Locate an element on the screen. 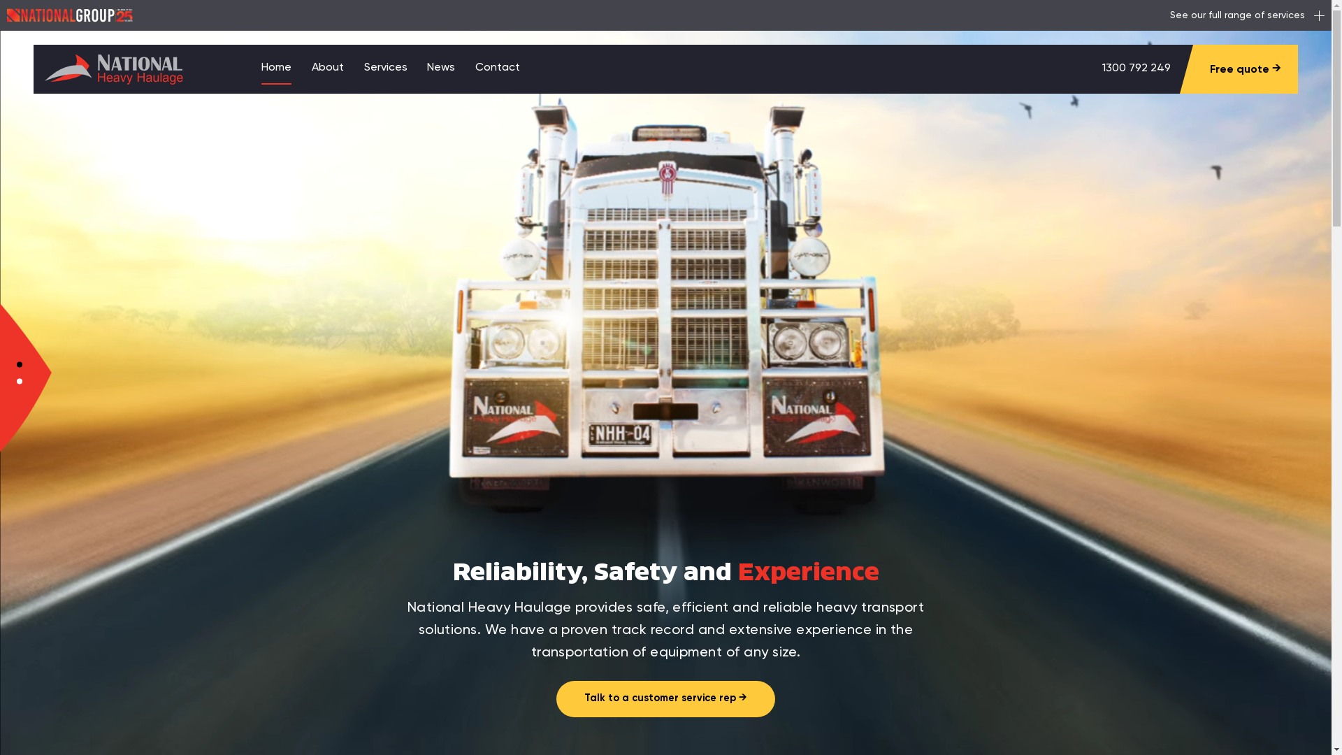 This screenshot has height=755, width=1342. 'Home' is located at coordinates (261, 69).